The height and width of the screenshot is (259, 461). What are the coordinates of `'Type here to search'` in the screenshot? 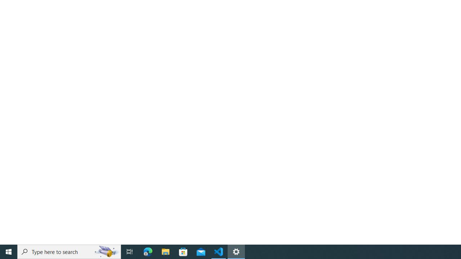 It's located at (69, 251).